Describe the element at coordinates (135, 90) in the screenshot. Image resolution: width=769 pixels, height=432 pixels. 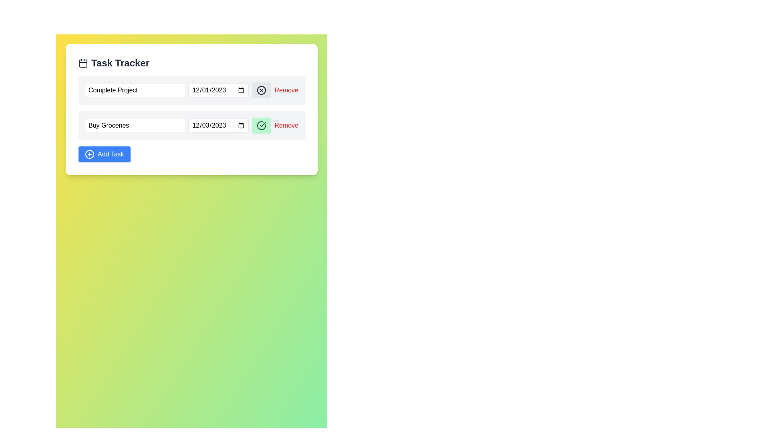
I see `the text input field labeled 'Task Name' which currently contains the value 'Complete Project'` at that location.